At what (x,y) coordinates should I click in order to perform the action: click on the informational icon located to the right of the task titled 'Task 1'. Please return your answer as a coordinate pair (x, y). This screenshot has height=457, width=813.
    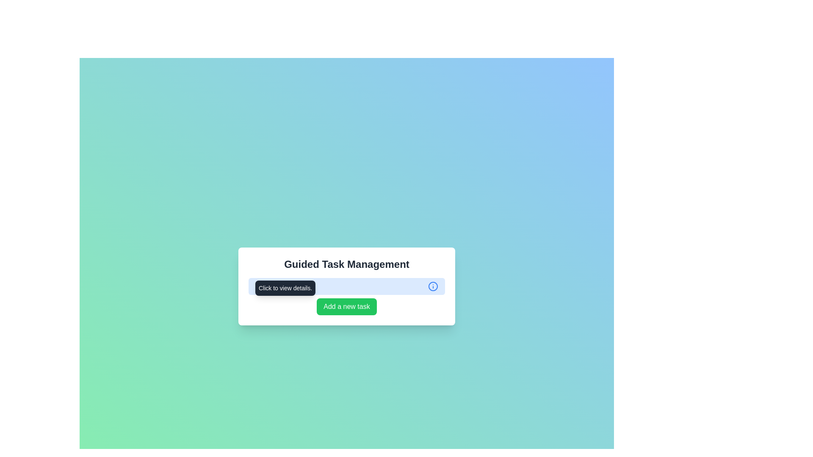
    Looking at the image, I should click on (433, 286).